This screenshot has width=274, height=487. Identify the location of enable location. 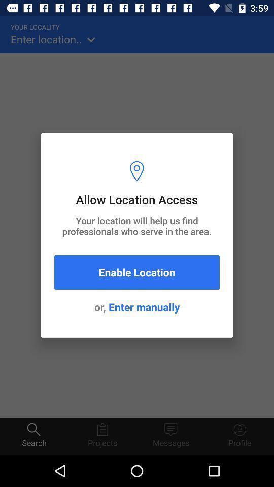
(137, 272).